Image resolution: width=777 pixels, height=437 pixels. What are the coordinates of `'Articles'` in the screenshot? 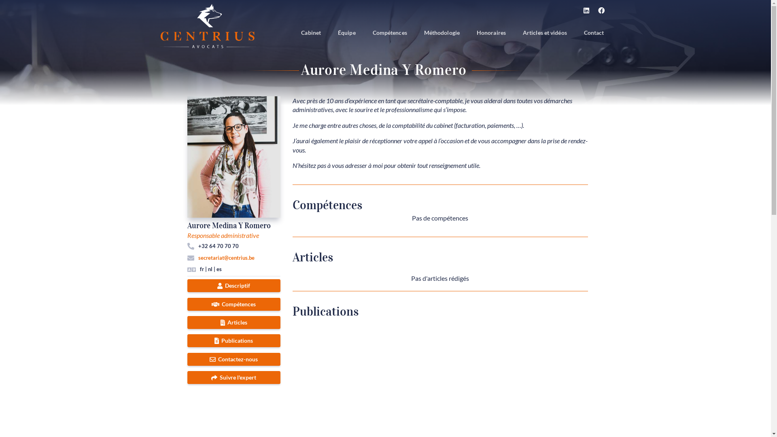 It's located at (186, 322).